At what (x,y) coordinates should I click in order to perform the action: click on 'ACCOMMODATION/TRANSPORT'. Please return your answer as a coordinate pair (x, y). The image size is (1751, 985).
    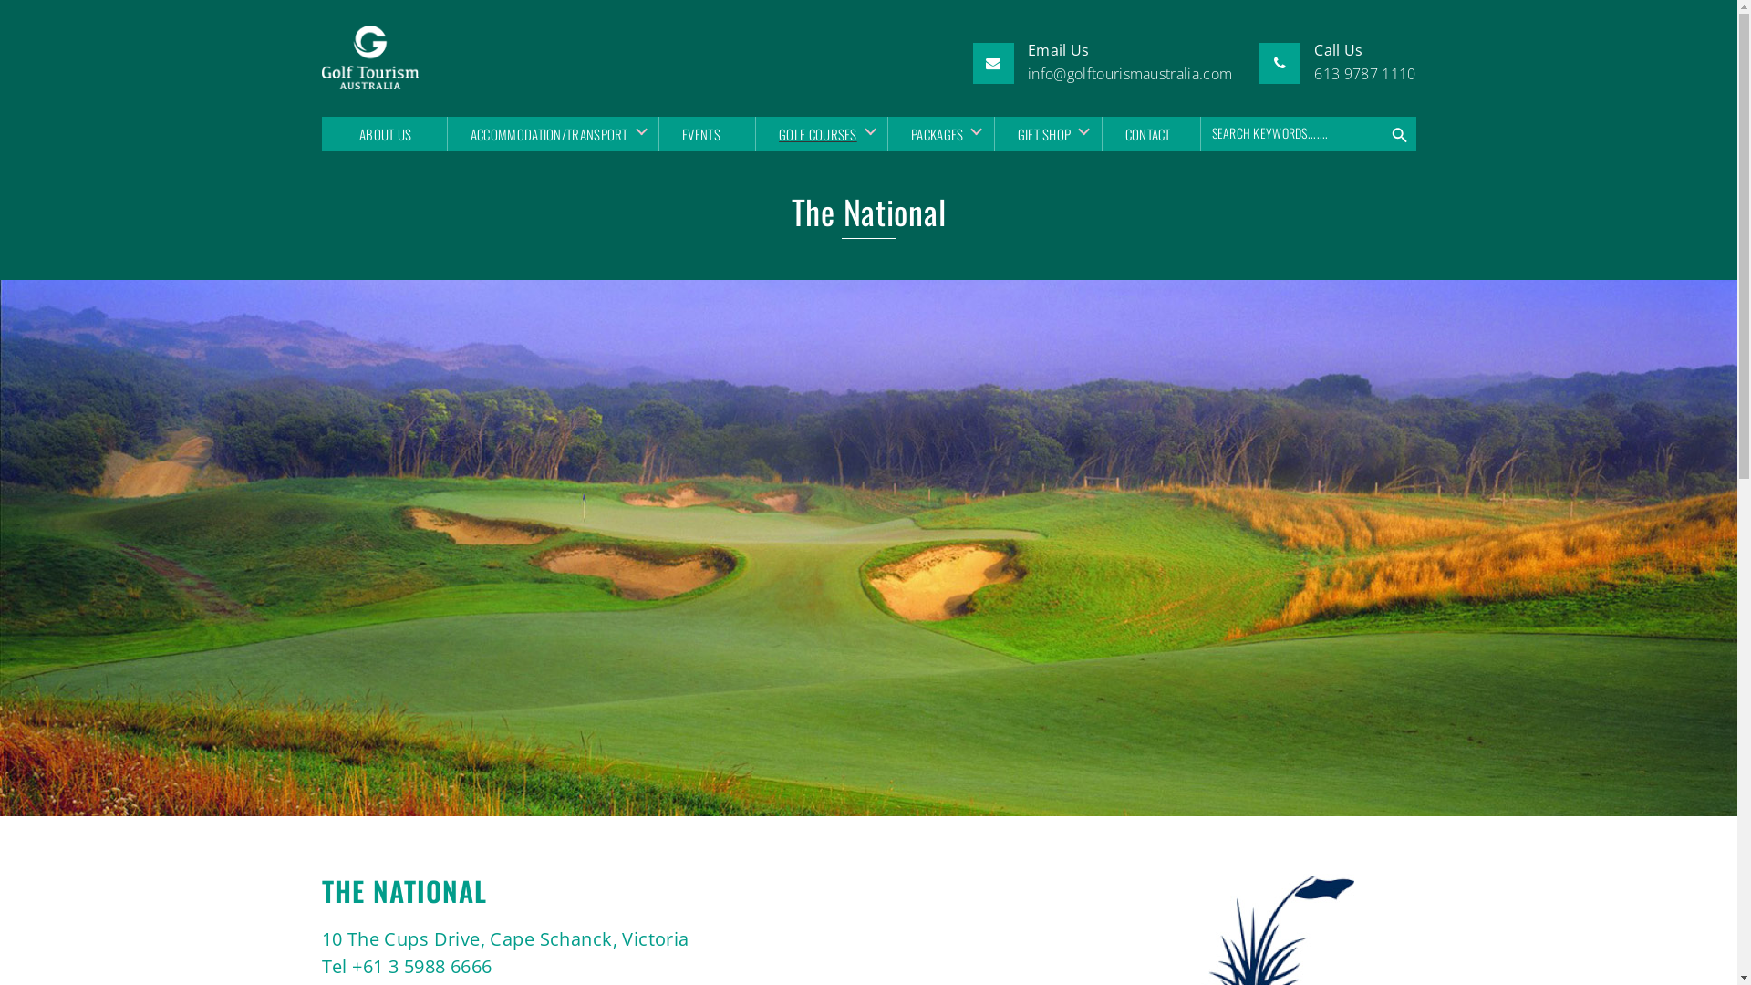
    Looking at the image, I should click on (545, 132).